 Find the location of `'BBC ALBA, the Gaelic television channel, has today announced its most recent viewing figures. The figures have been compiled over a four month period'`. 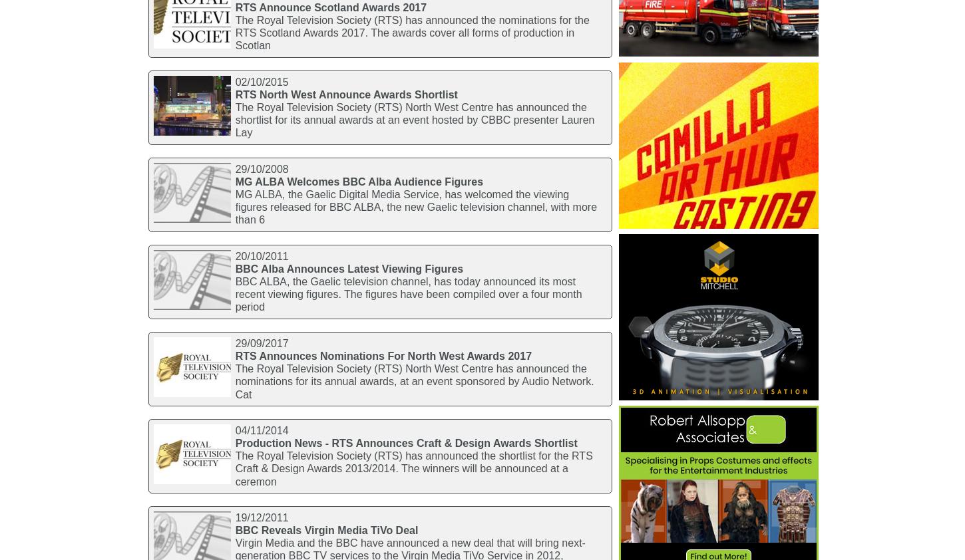

'BBC ALBA, the Gaelic television channel, has today announced its most recent viewing figures. The figures have been compiled over a four month period' is located at coordinates (407, 293).